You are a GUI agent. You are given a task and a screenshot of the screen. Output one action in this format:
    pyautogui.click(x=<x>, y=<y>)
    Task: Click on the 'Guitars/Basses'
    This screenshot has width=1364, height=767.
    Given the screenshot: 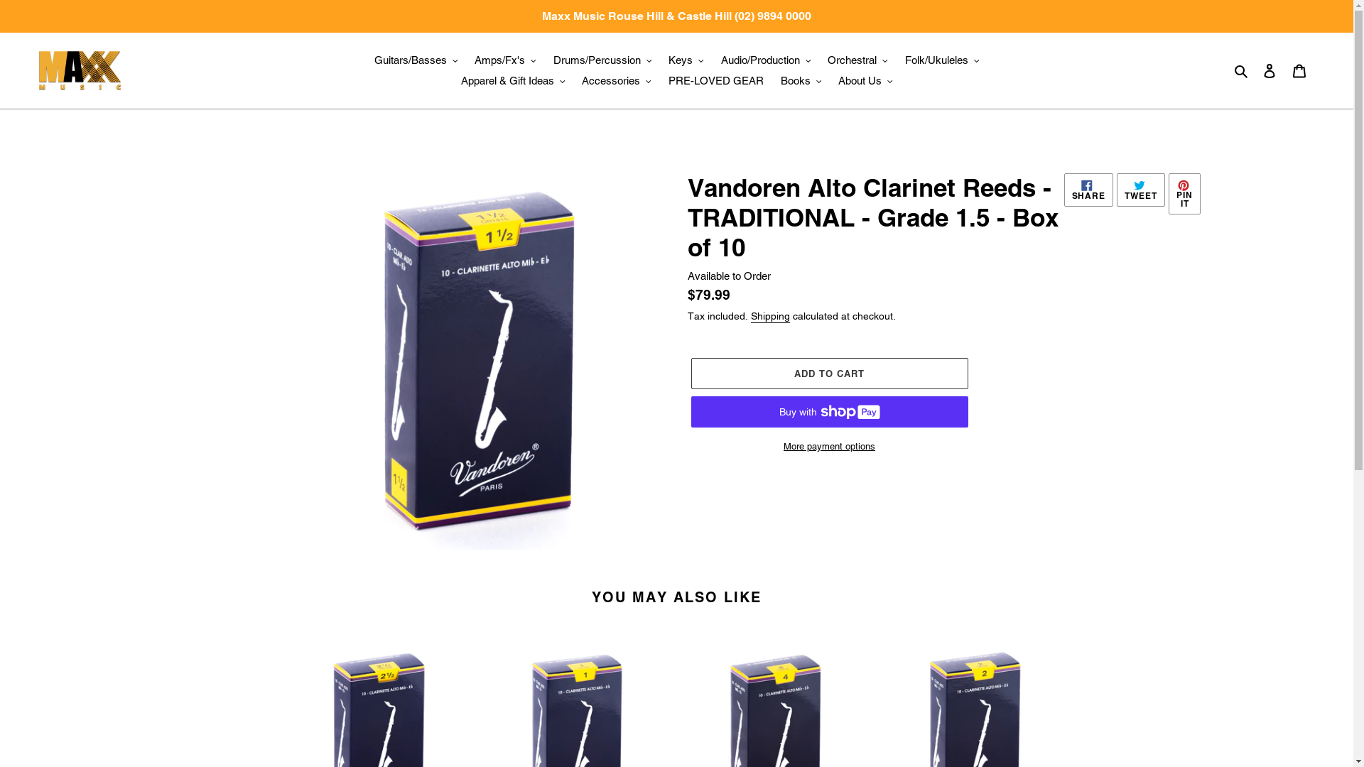 What is the action you would take?
    pyautogui.click(x=367, y=60)
    